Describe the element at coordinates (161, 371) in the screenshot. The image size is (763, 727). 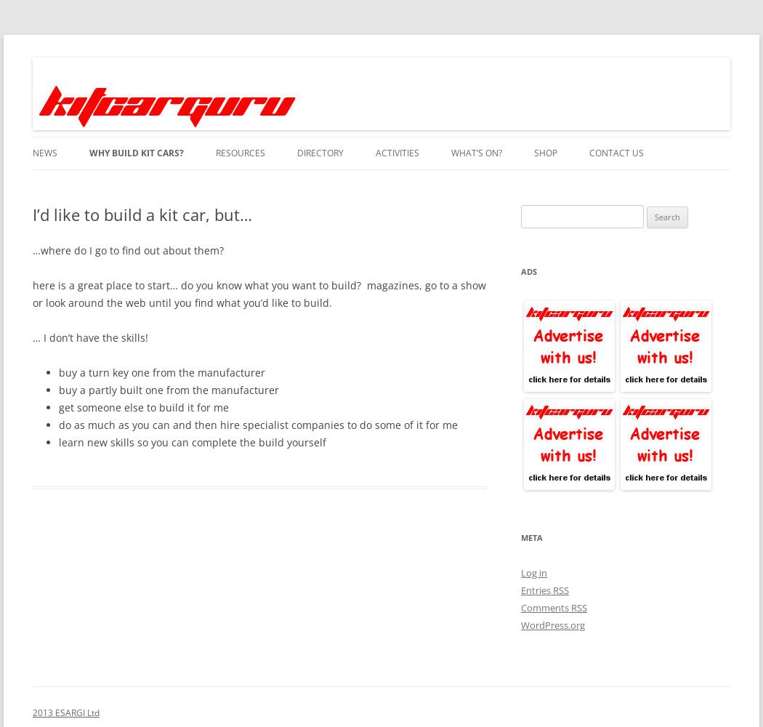
I see `'buy a turn key one from the manufacturer'` at that location.